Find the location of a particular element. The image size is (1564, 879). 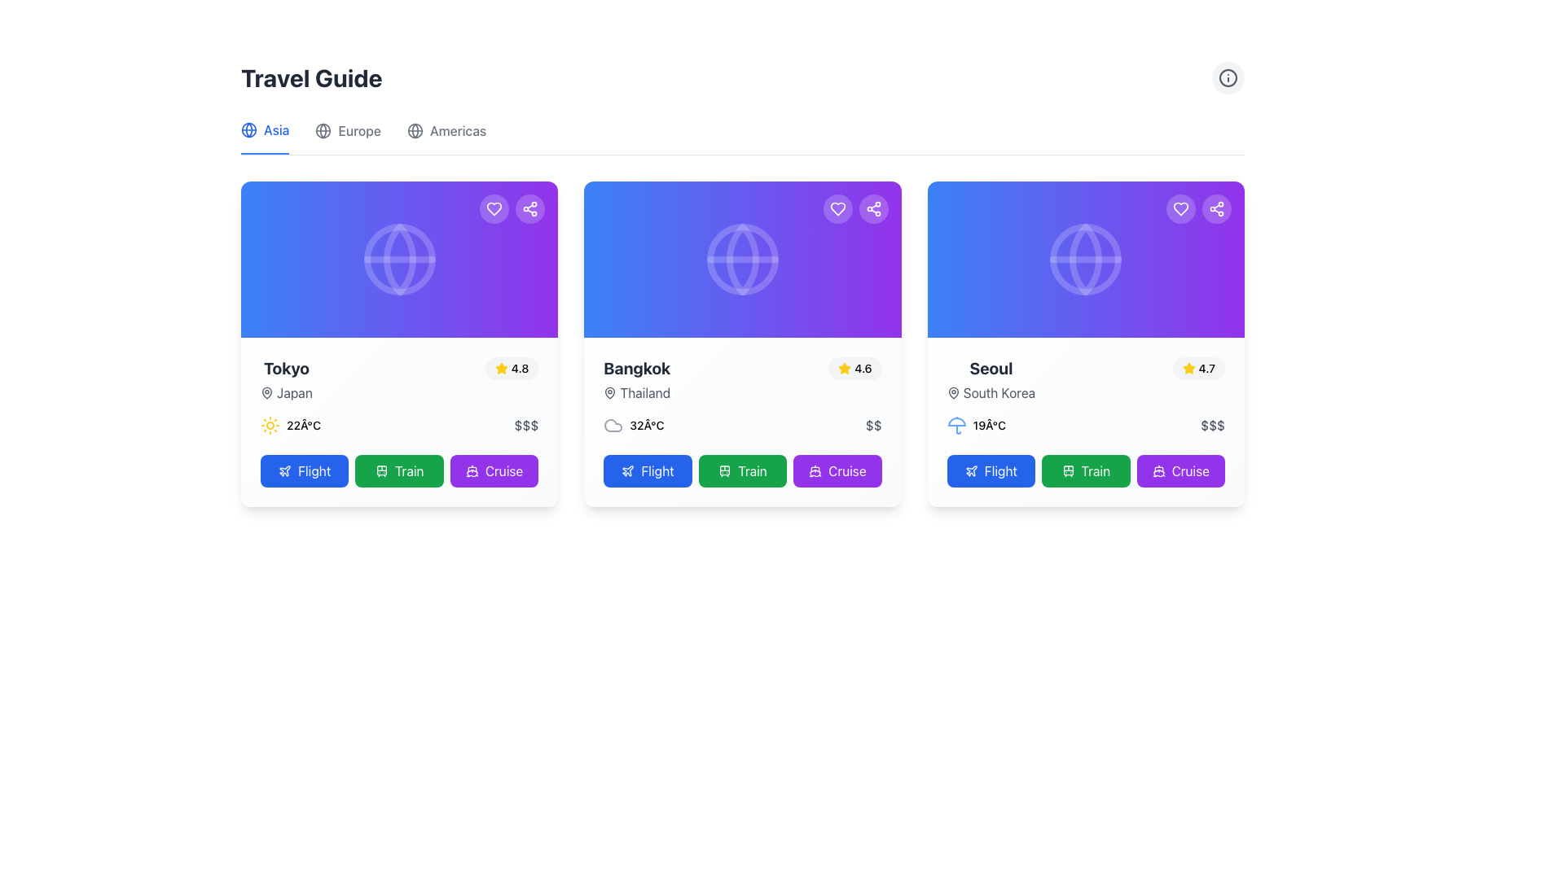

the horizontally-aligned green button labeled 'Train' located in the lower section of the 'Seoul' card is located at coordinates (1086, 470).